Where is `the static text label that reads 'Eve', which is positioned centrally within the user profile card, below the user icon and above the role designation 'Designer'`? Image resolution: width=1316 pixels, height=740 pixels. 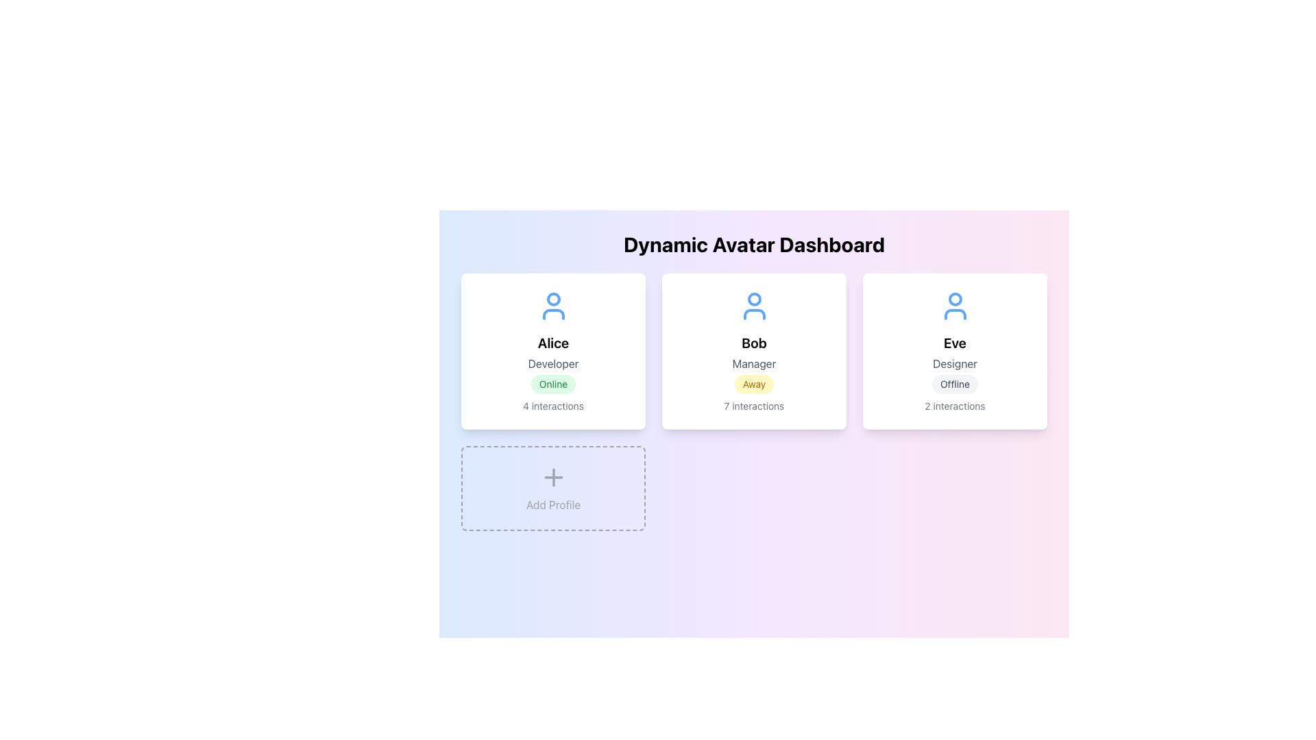 the static text label that reads 'Eve', which is positioned centrally within the user profile card, below the user icon and above the role designation 'Designer' is located at coordinates (954, 343).